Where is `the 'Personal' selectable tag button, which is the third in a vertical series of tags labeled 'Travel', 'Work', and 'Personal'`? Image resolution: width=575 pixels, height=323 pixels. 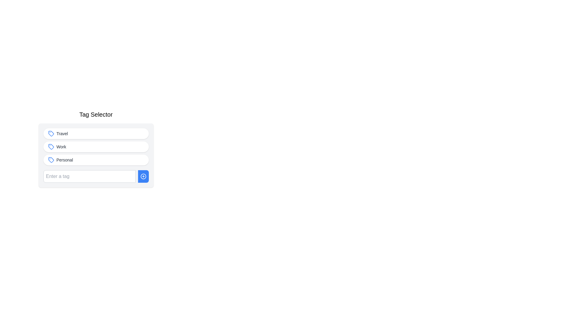 the 'Personal' selectable tag button, which is the third in a vertical series of tags labeled 'Travel', 'Work', and 'Personal' is located at coordinates (96, 155).